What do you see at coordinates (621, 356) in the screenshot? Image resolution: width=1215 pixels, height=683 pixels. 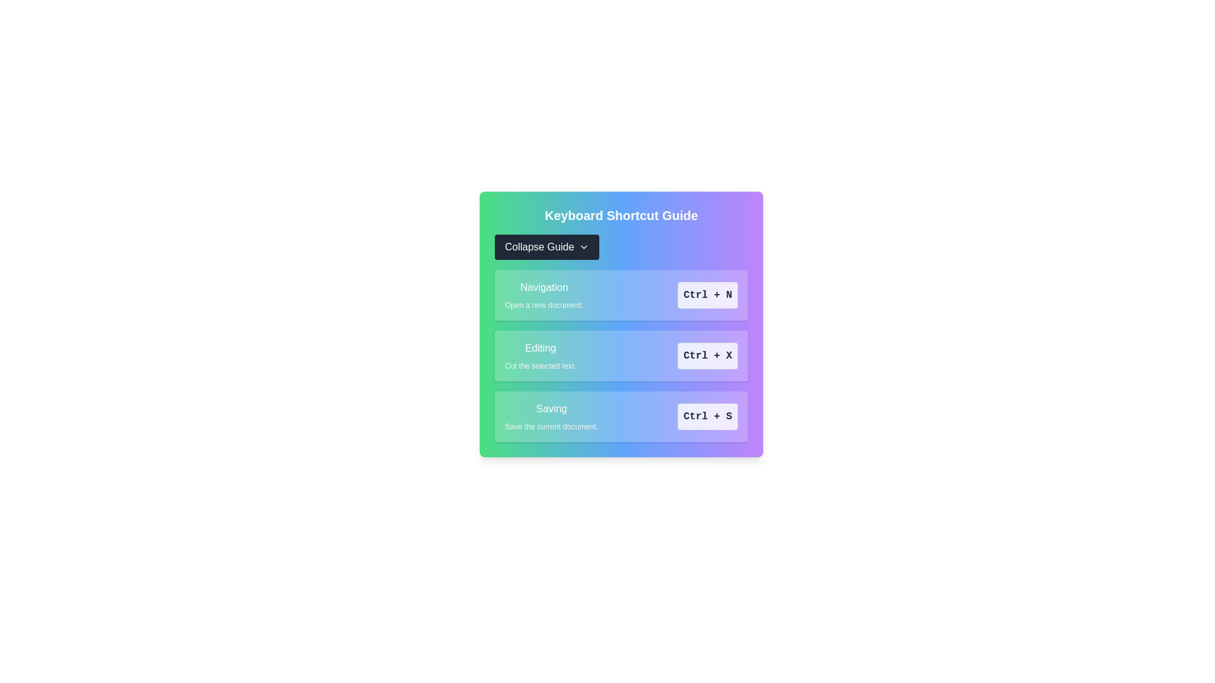 I see `the second item in the 'Keyboard Shortcut Guide' list to interact with the keyboard shortcut guide interface` at bounding box center [621, 356].